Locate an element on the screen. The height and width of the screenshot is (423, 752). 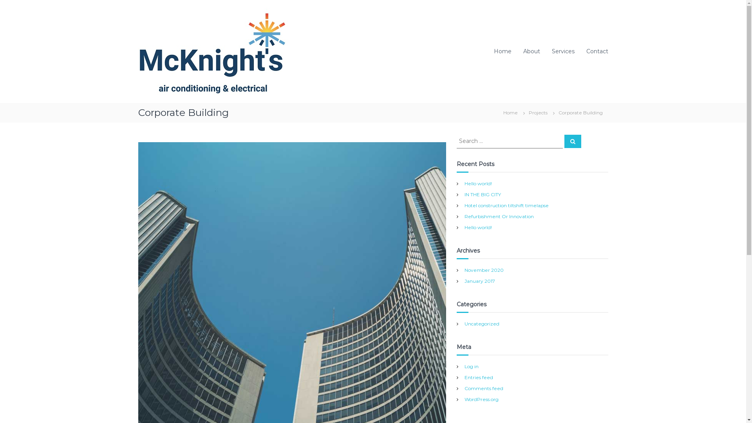
'Contact' is located at coordinates (596, 51).